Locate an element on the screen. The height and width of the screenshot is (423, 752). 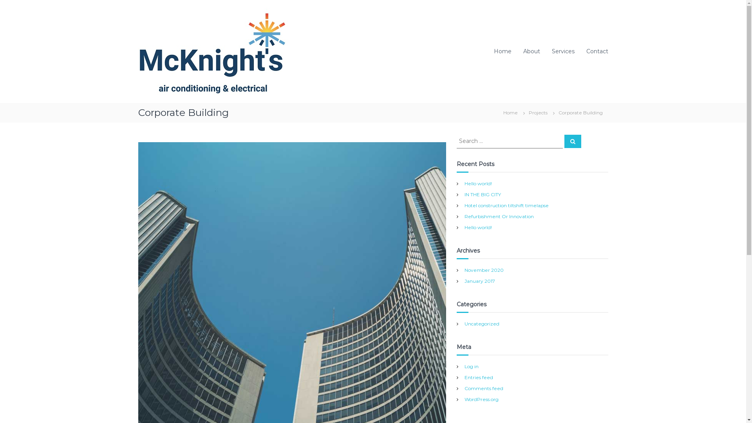
'Contact' is located at coordinates (596, 51).